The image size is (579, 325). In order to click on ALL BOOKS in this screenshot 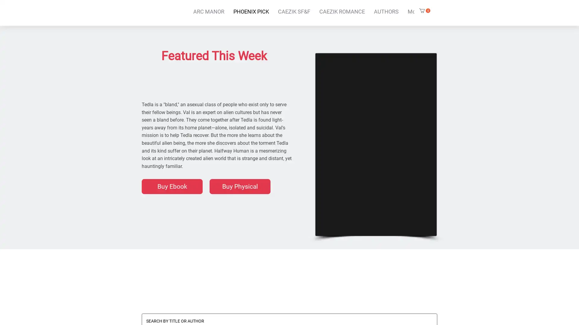, I will do `click(160, 300)`.